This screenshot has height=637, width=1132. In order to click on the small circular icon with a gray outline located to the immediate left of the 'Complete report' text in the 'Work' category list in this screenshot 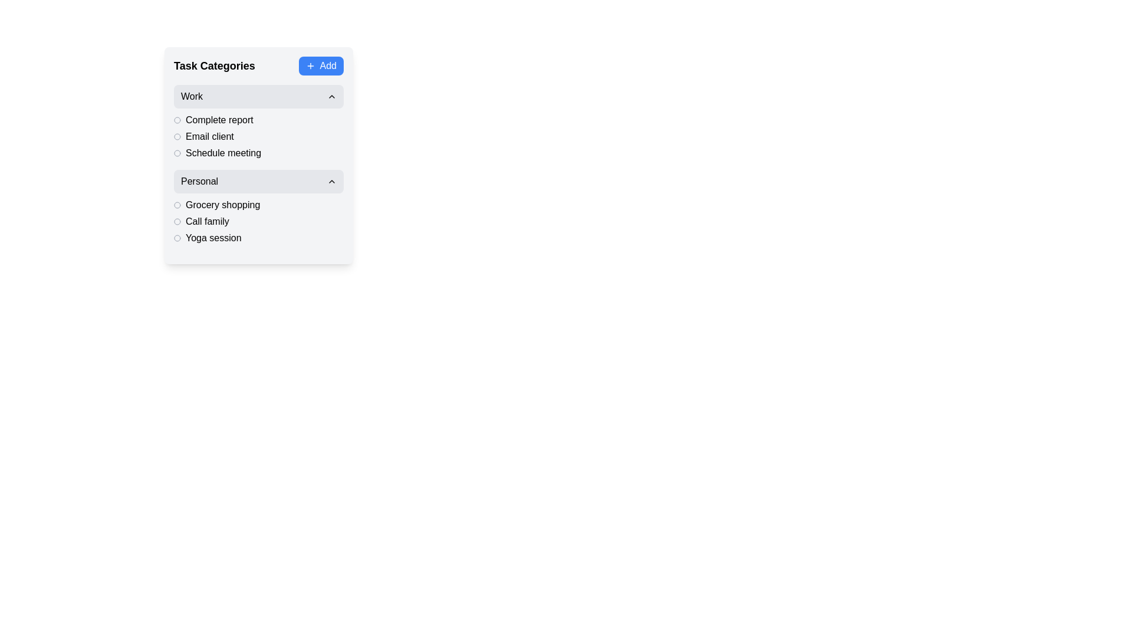, I will do `click(177, 120)`.